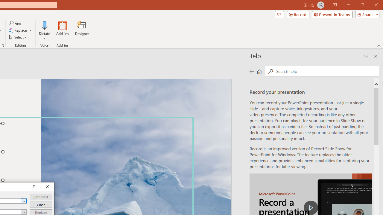 The image size is (383, 215). Describe the element at coordinates (252, 71) in the screenshot. I see `'Previous page'` at that location.